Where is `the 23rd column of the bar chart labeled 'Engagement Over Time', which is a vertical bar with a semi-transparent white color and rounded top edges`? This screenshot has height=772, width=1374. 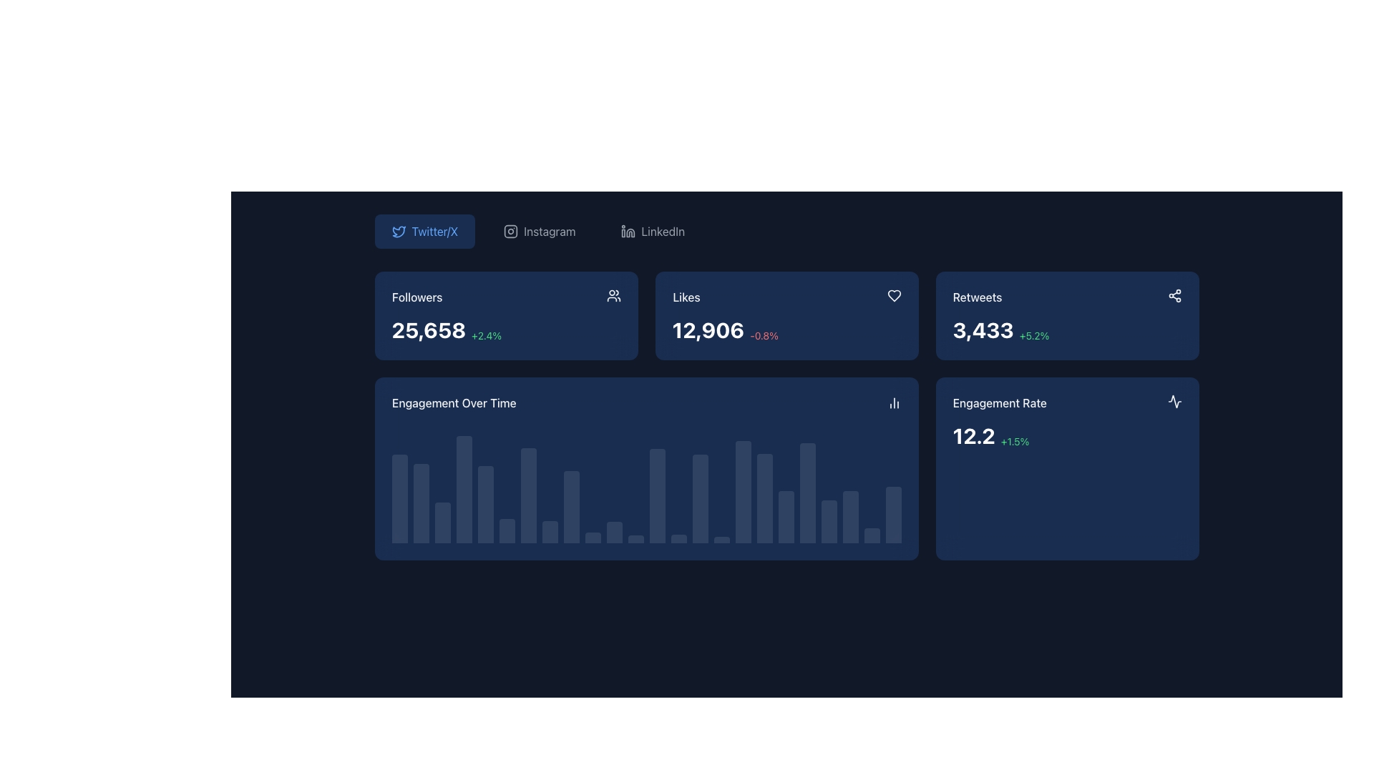
the 23rd column of the bar chart labeled 'Engagement Over Time', which is a vertical bar with a semi-transparent white color and rounded top edges is located at coordinates (850, 517).